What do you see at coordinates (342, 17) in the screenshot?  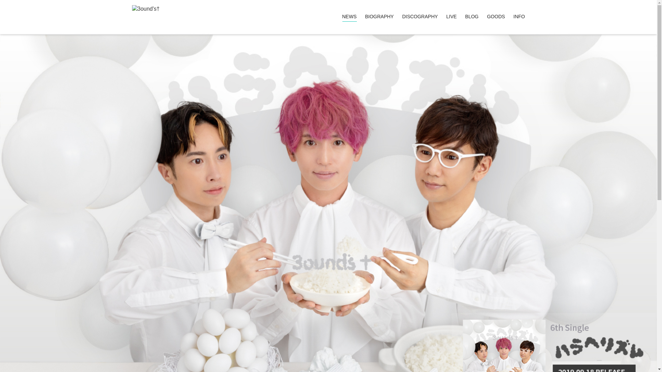 I see `'NEWS'` at bounding box center [342, 17].